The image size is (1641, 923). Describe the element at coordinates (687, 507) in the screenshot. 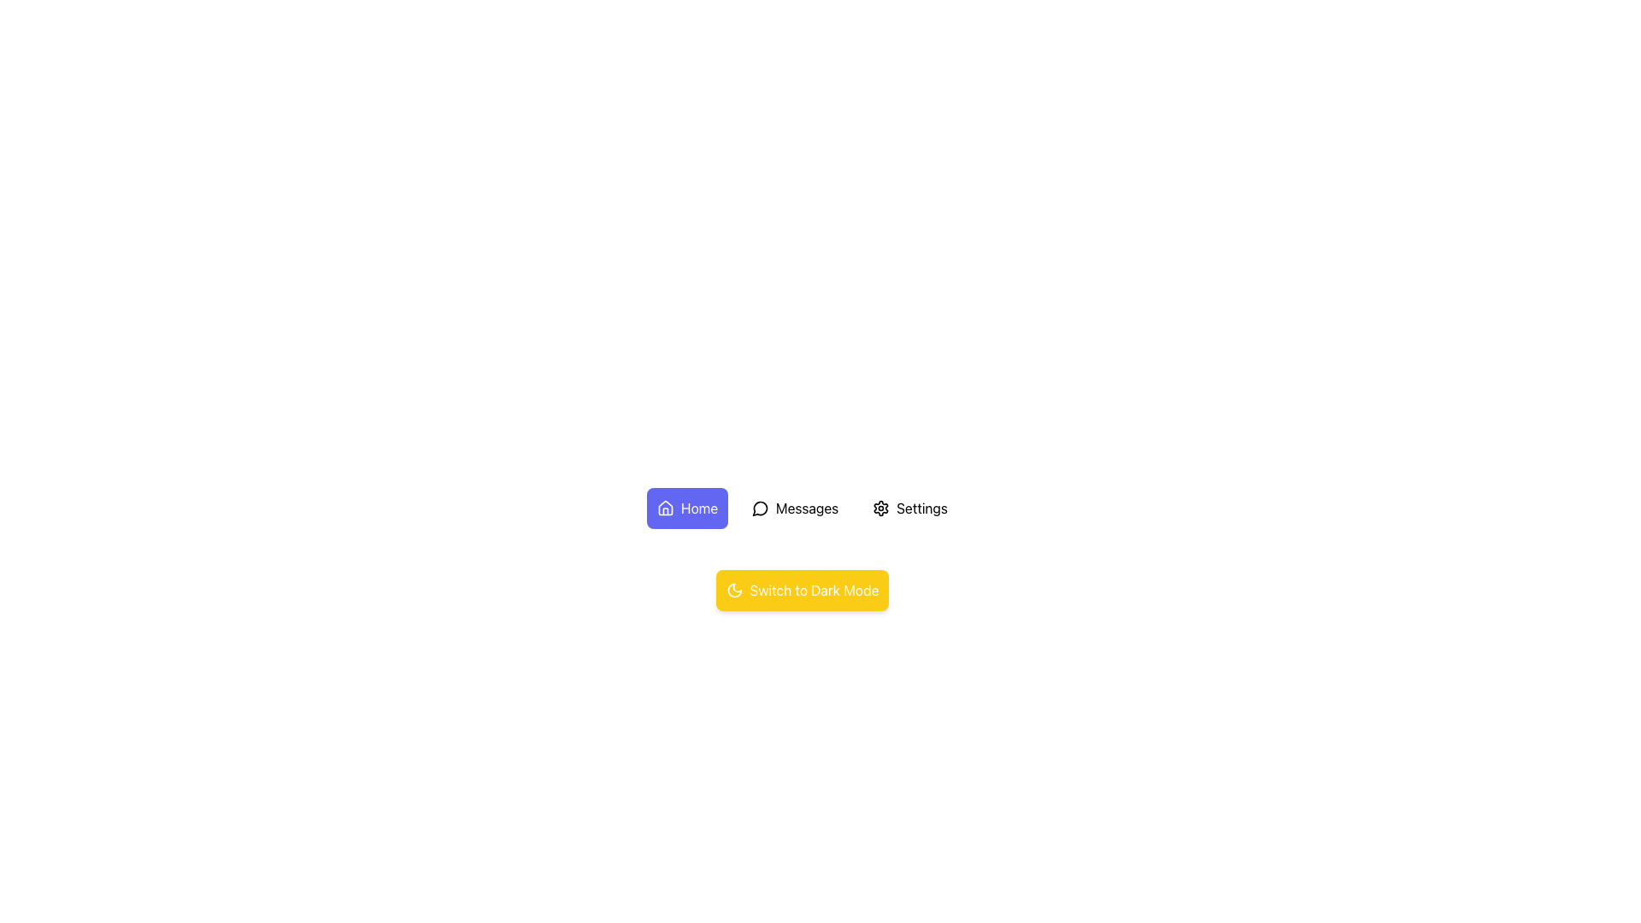

I see `the 'Home' button, which is the first button in a row of three options, located in the lower central region of the interface` at that location.